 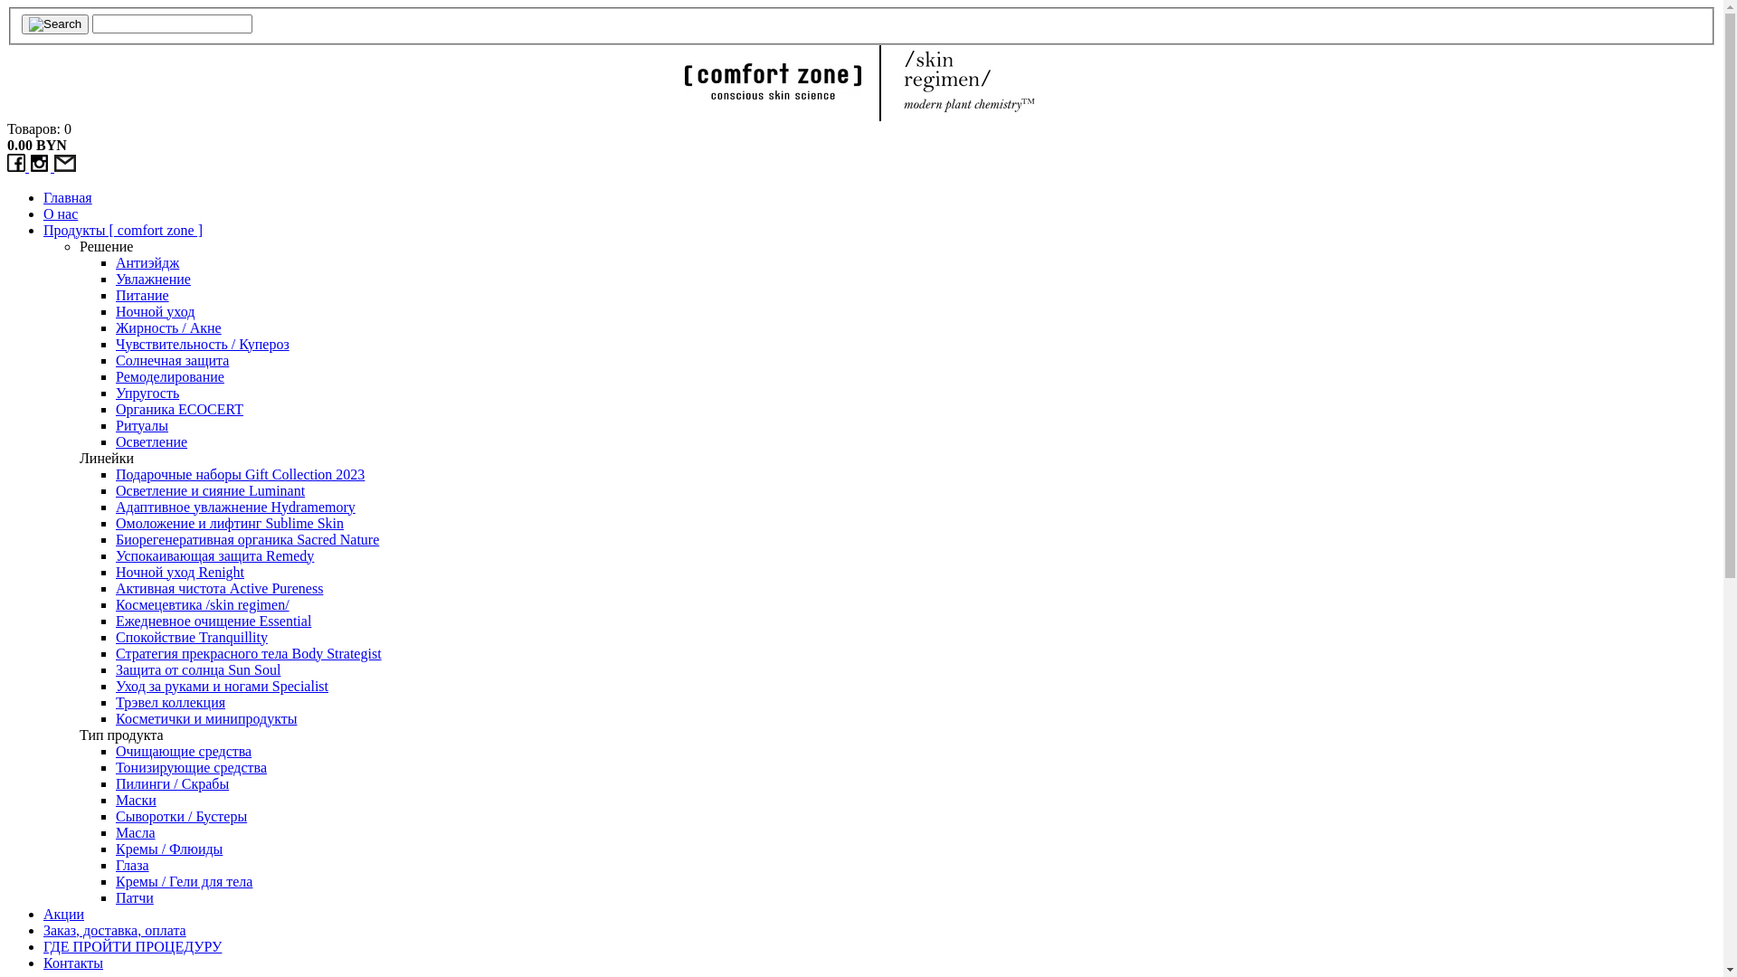 I want to click on 'intagram', so click(x=42, y=166).